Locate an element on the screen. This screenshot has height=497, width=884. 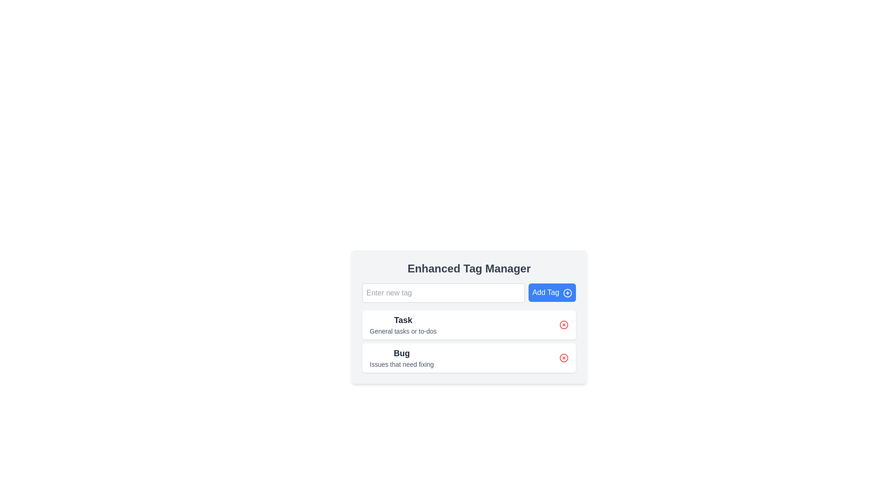
the icon embedded within the 'Add Tag' button is located at coordinates (567, 293).